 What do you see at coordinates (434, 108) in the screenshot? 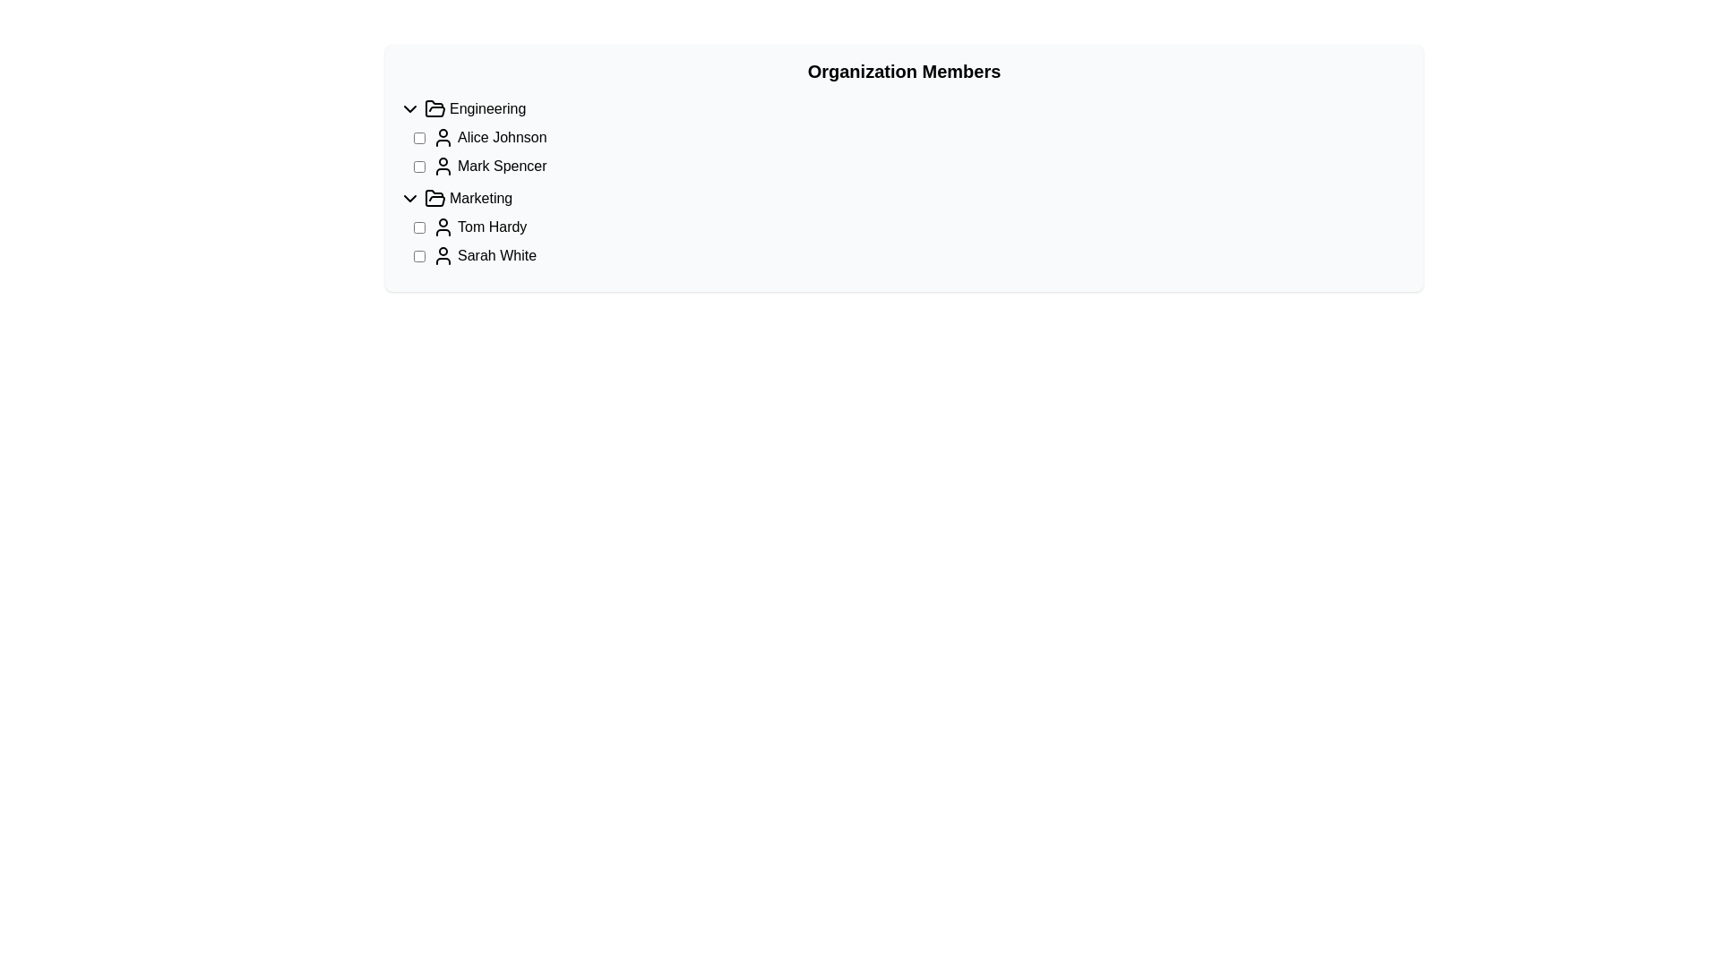
I see `the folder icon representing the 'Marketing' category` at bounding box center [434, 108].